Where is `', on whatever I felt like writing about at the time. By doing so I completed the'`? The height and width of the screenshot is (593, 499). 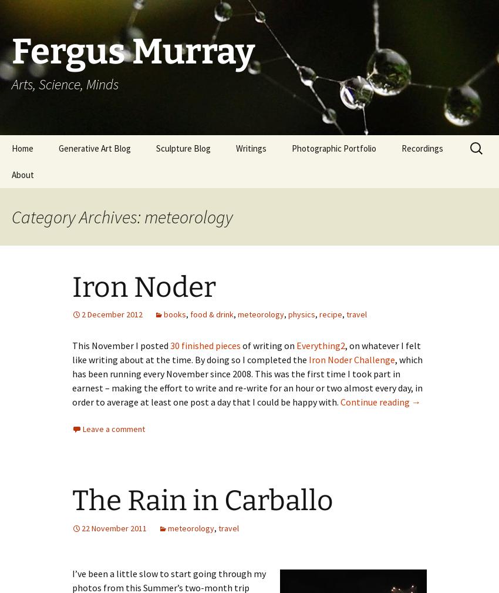
', on whatever I felt like writing about at the time. By doing so I completed the' is located at coordinates (246, 352).